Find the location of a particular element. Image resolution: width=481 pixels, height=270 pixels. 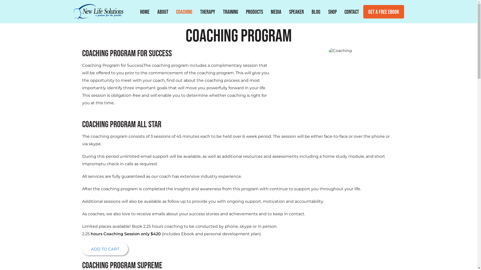

'HOME' is located at coordinates (144, 11).